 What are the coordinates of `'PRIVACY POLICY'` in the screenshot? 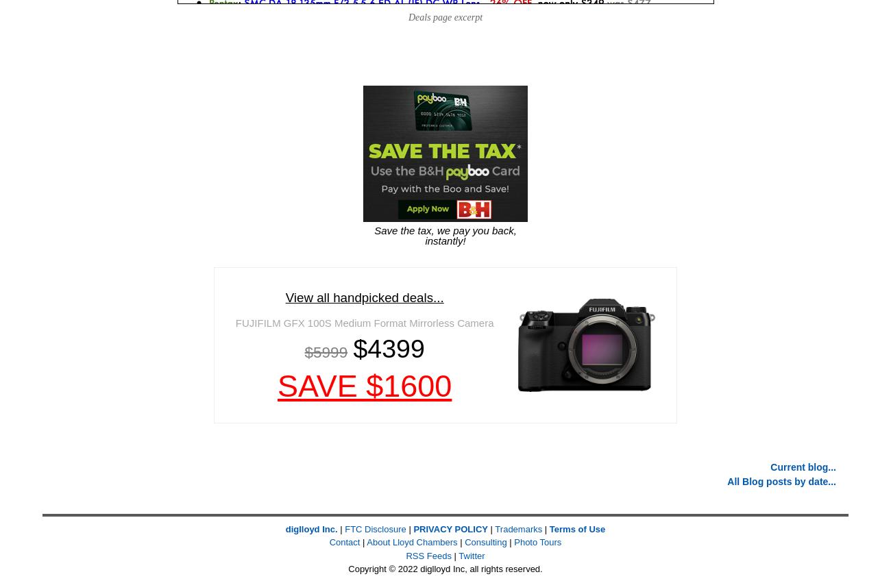 It's located at (413, 528).